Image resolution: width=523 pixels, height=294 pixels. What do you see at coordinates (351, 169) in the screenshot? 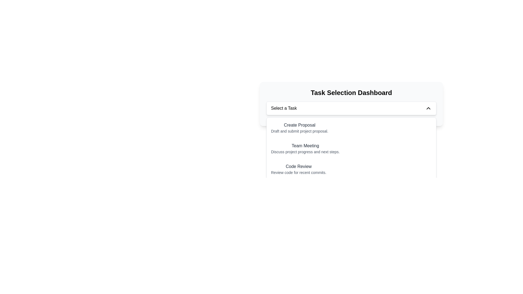
I see `to select the third item in the vertical menu of the 'Task Selection Dashboard', which represents a selectable option for reviewing code tasks` at bounding box center [351, 169].